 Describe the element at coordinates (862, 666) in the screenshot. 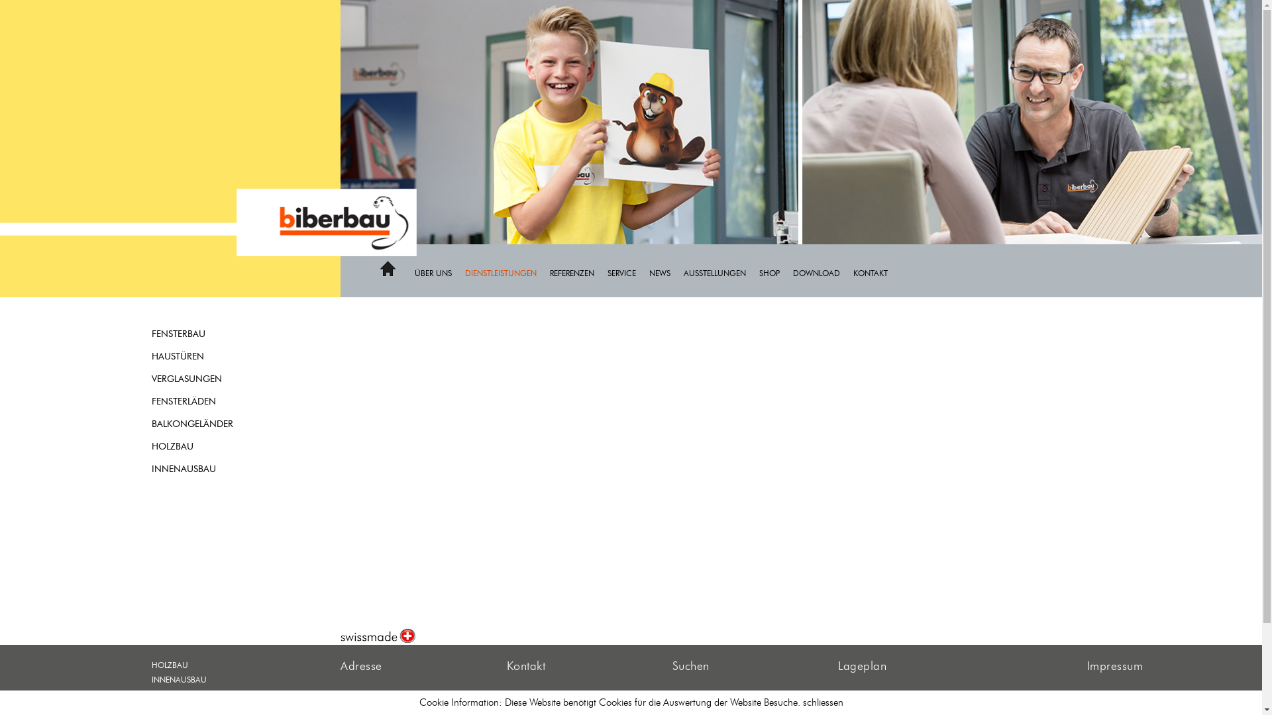

I see `'Lageplan'` at that location.